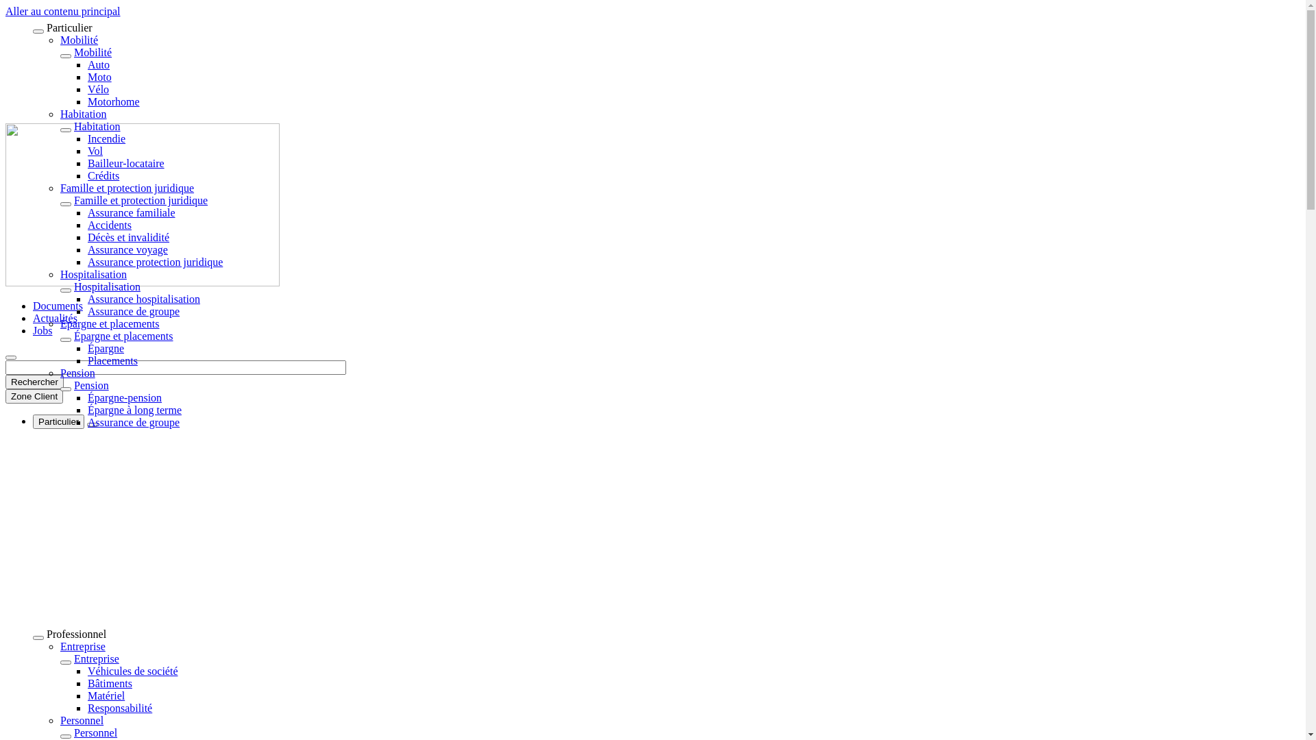  I want to click on 'Assurance de groupe', so click(87, 311).